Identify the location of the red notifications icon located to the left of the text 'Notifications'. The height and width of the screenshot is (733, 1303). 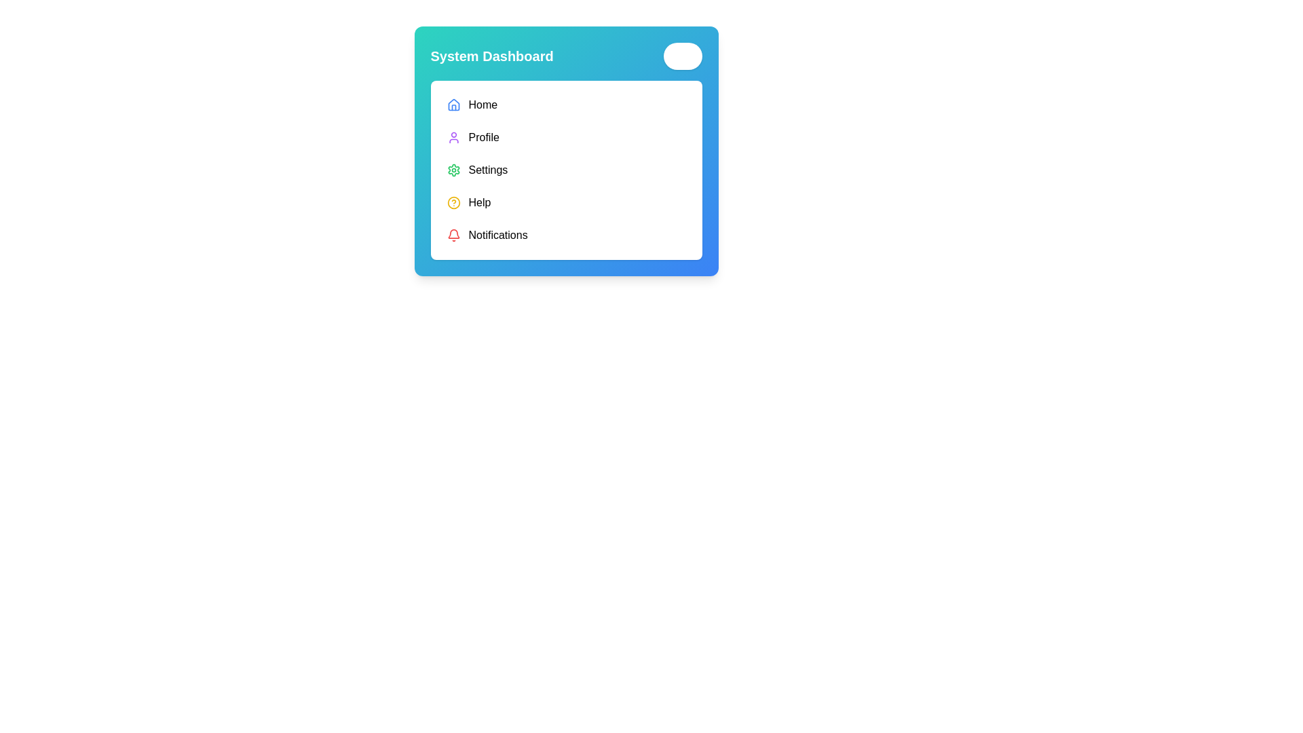
(453, 235).